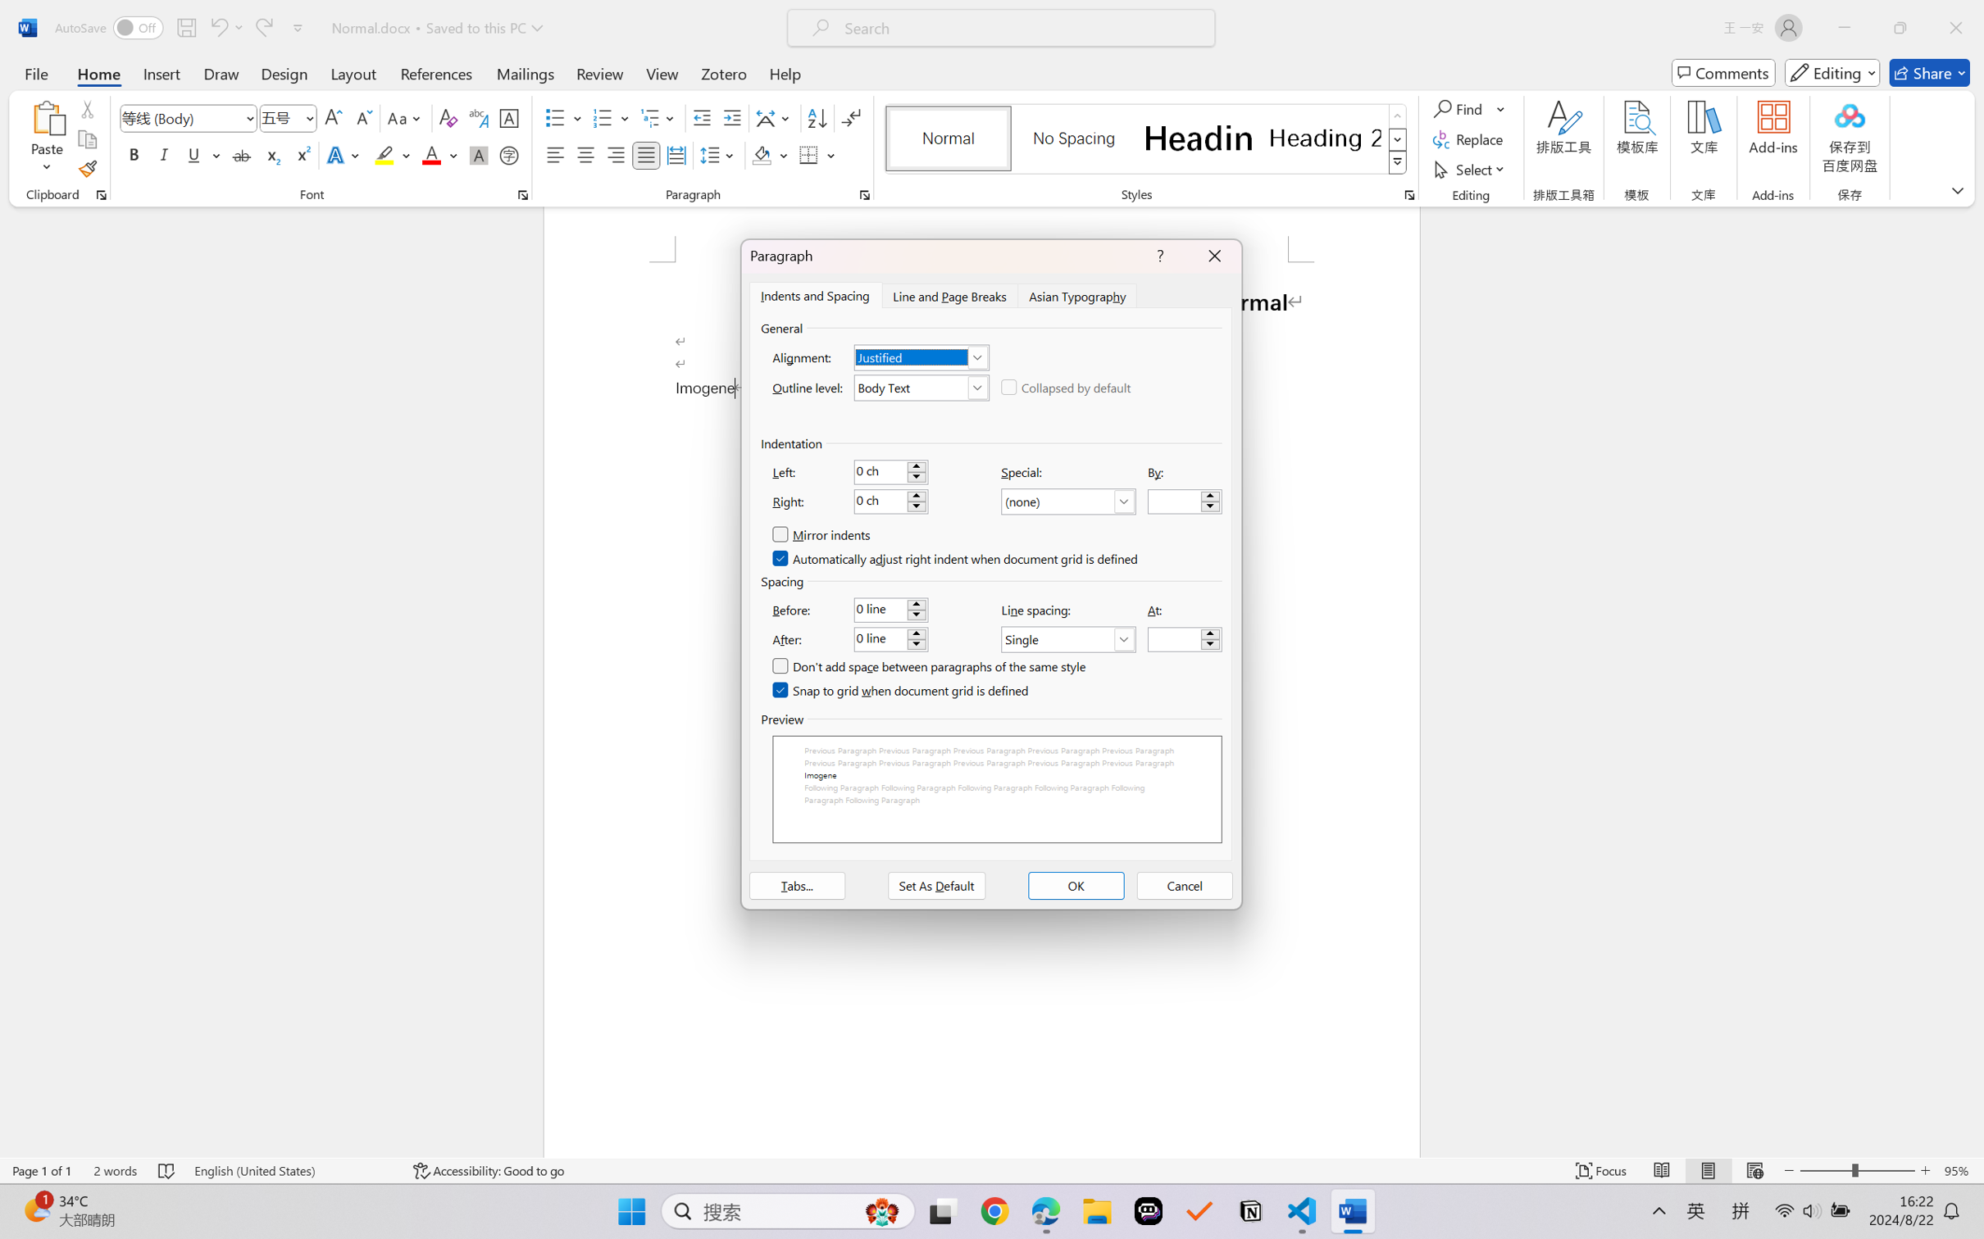 This screenshot has height=1239, width=1984. What do you see at coordinates (1325, 138) in the screenshot?
I see `'Heading 2'` at bounding box center [1325, 138].